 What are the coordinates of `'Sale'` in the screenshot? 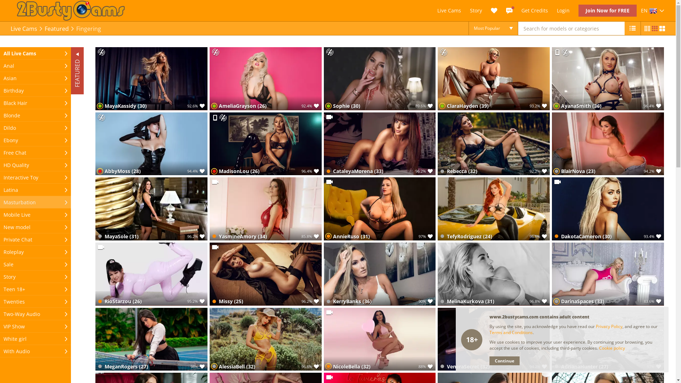 It's located at (35, 264).